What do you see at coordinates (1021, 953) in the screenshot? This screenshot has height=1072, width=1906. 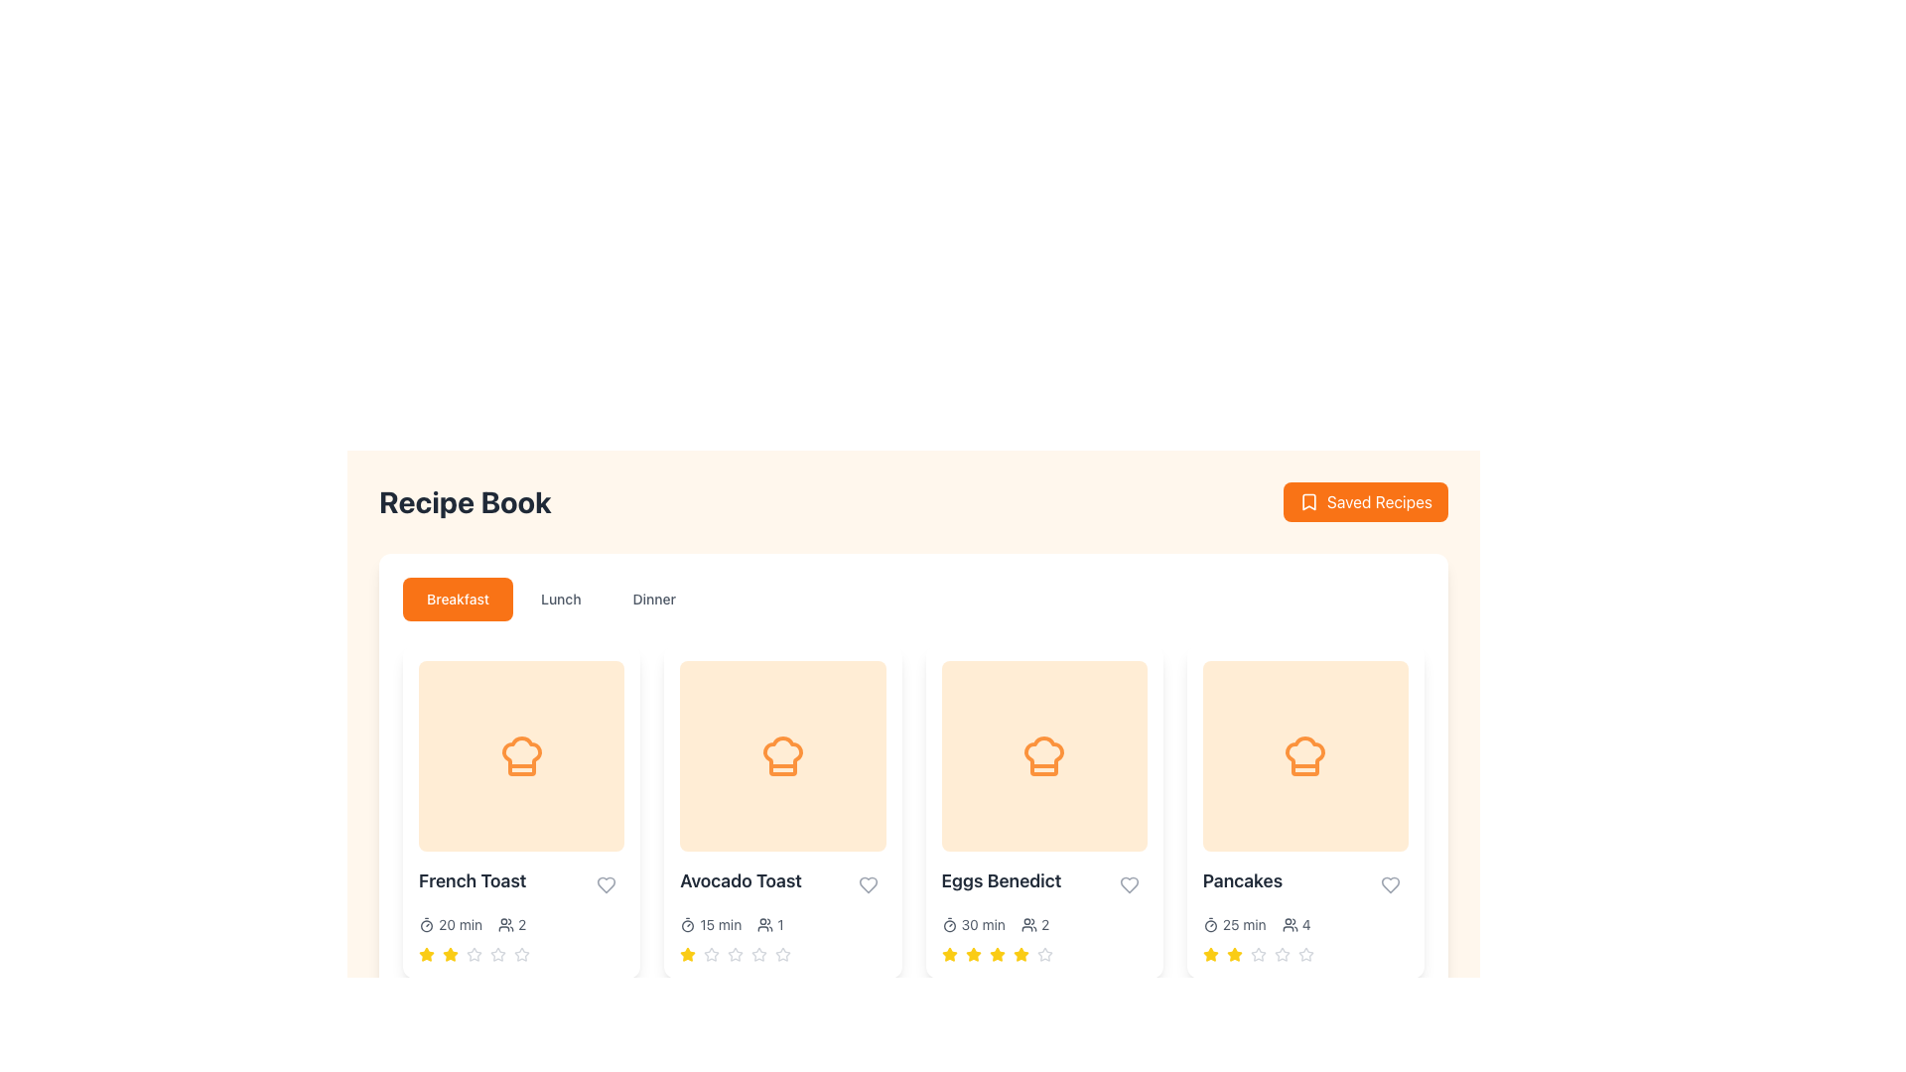 I see `the third yellow star icon in the rating component under the 'Eggs Benedict' recipe card` at bounding box center [1021, 953].